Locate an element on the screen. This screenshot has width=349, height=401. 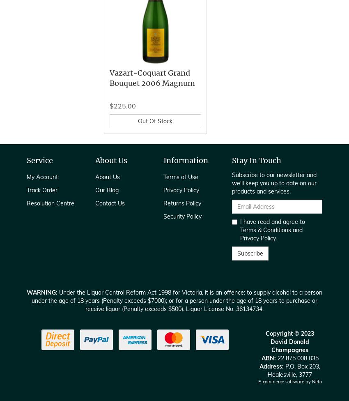
'ABN:' is located at coordinates (268, 357).